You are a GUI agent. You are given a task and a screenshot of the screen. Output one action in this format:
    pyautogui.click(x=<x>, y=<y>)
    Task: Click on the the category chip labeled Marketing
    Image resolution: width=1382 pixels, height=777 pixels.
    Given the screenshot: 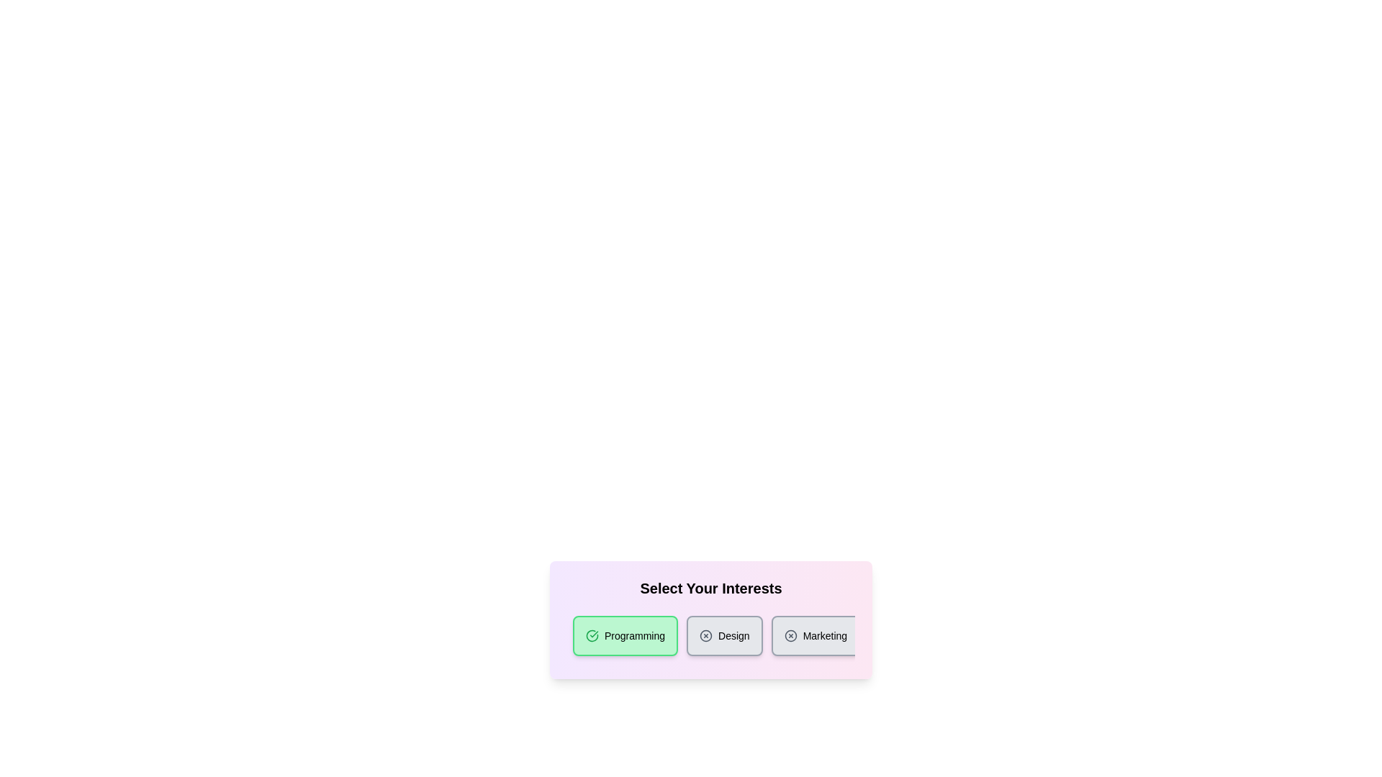 What is the action you would take?
    pyautogui.click(x=815, y=635)
    